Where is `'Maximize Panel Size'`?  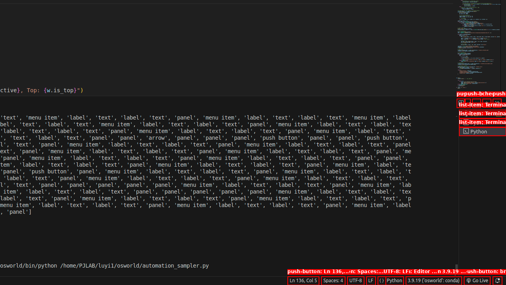
'Maximize Panel Size' is located at coordinates (486, 102).